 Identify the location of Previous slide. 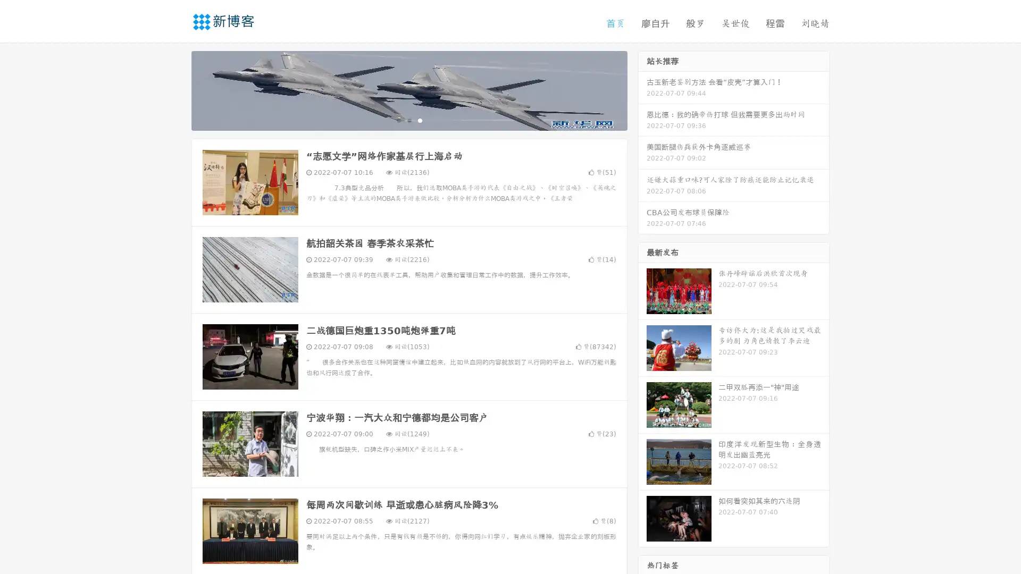
(175, 89).